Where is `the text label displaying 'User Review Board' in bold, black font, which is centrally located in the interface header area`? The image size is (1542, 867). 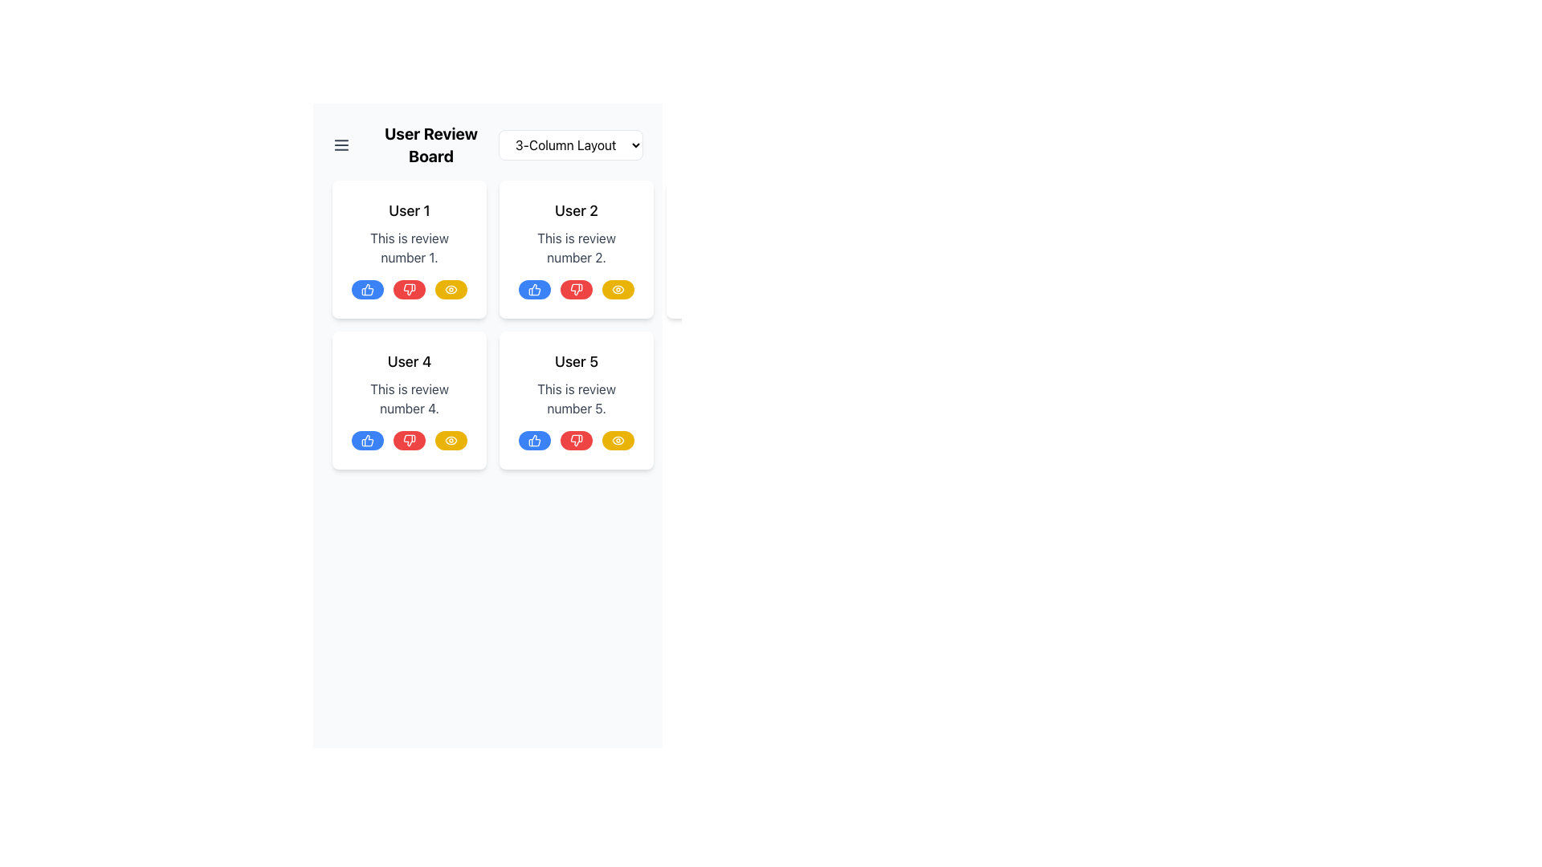 the text label displaying 'User Review Board' in bold, black font, which is centrally located in the interface header area is located at coordinates (431, 145).